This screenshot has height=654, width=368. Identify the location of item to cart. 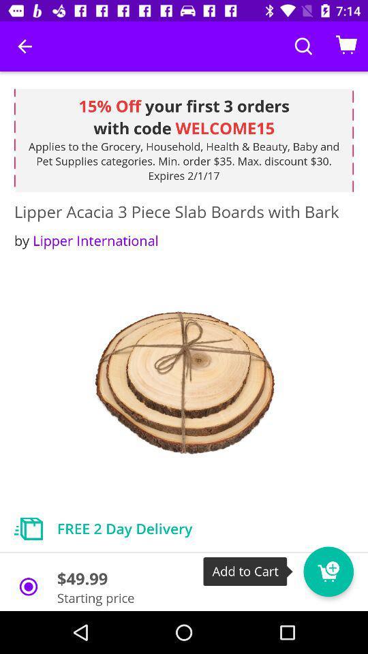
(328, 572).